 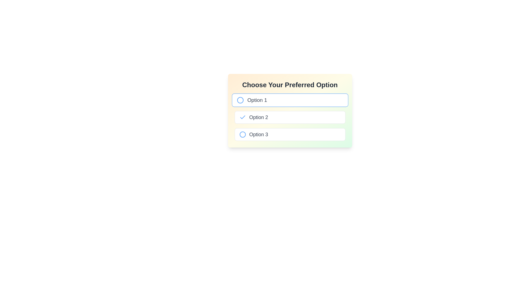 I want to click on the circle radio button indicator associated with 'Option 1', so click(x=240, y=100).